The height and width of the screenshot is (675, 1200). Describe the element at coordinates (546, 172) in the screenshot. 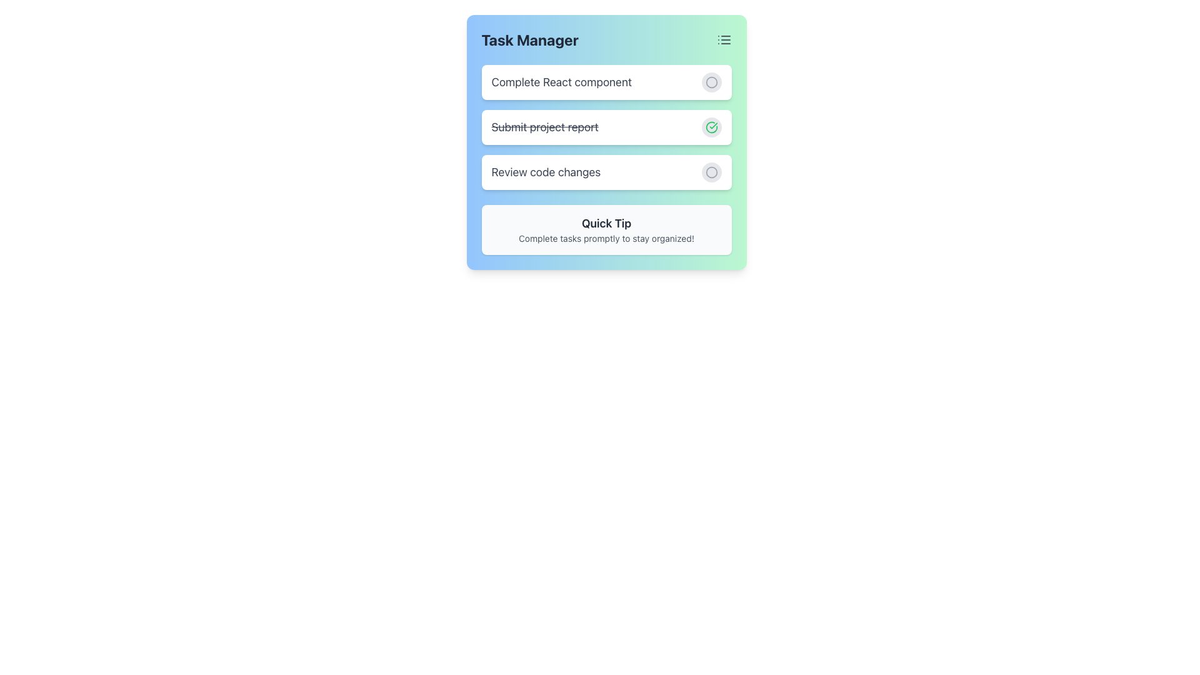

I see `text content of the task label located in the third row of the task list in the 'Task Manager' interface, positioned to the left of a circular button` at that location.